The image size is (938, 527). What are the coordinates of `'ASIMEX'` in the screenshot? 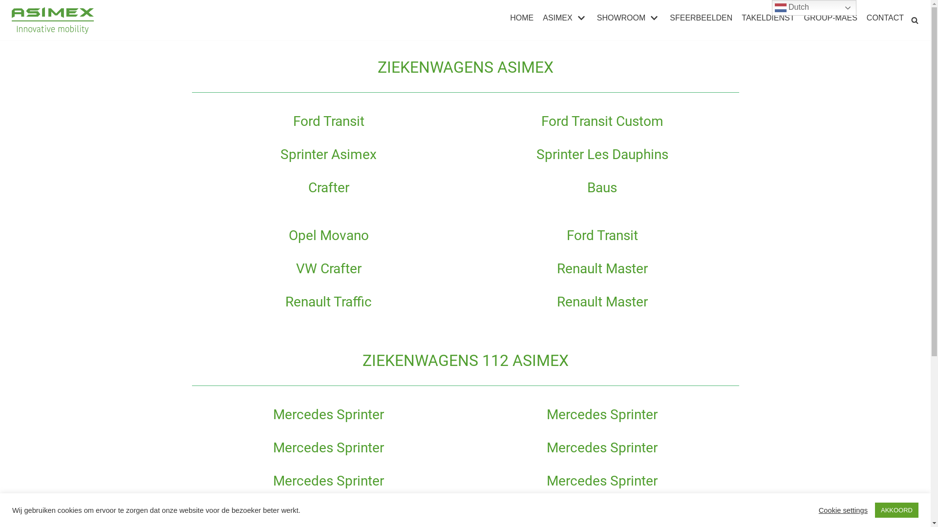 It's located at (542, 18).